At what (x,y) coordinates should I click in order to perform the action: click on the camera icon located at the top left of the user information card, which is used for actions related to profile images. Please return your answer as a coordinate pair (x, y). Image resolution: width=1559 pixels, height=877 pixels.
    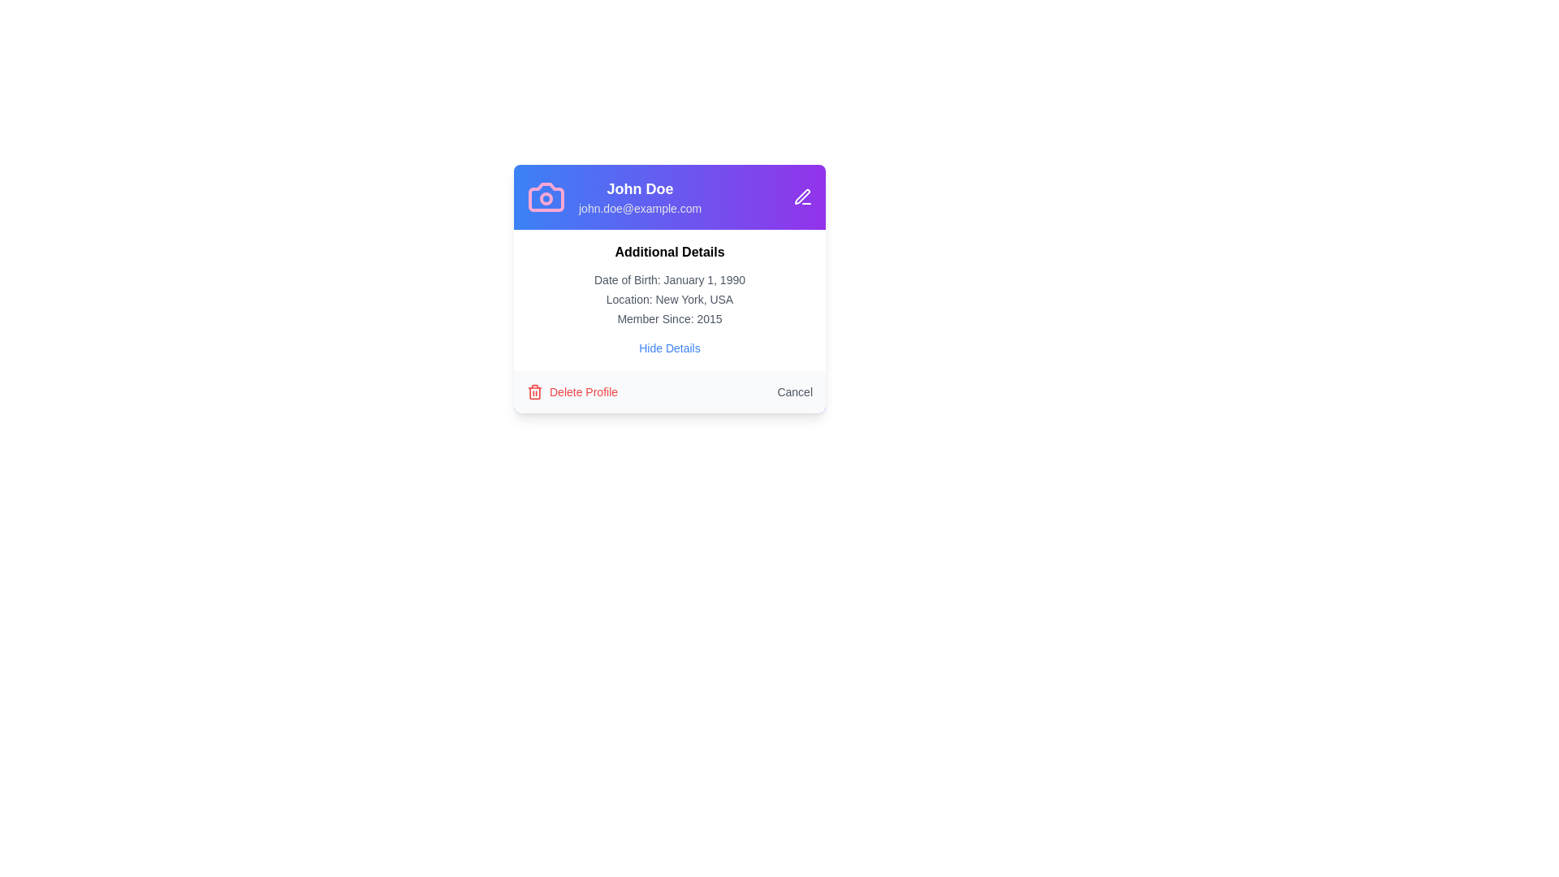
    Looking at the image, I should click on (546, 197).